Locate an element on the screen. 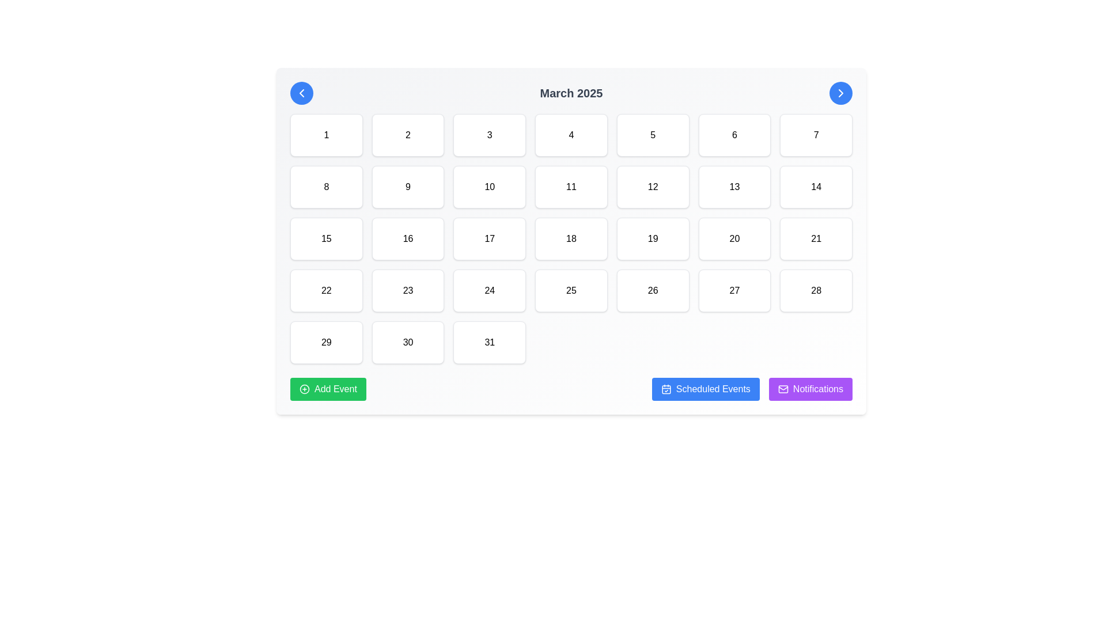  the Date Cell representing the 13th day in the calendar view is located at coordinates (734, 186).